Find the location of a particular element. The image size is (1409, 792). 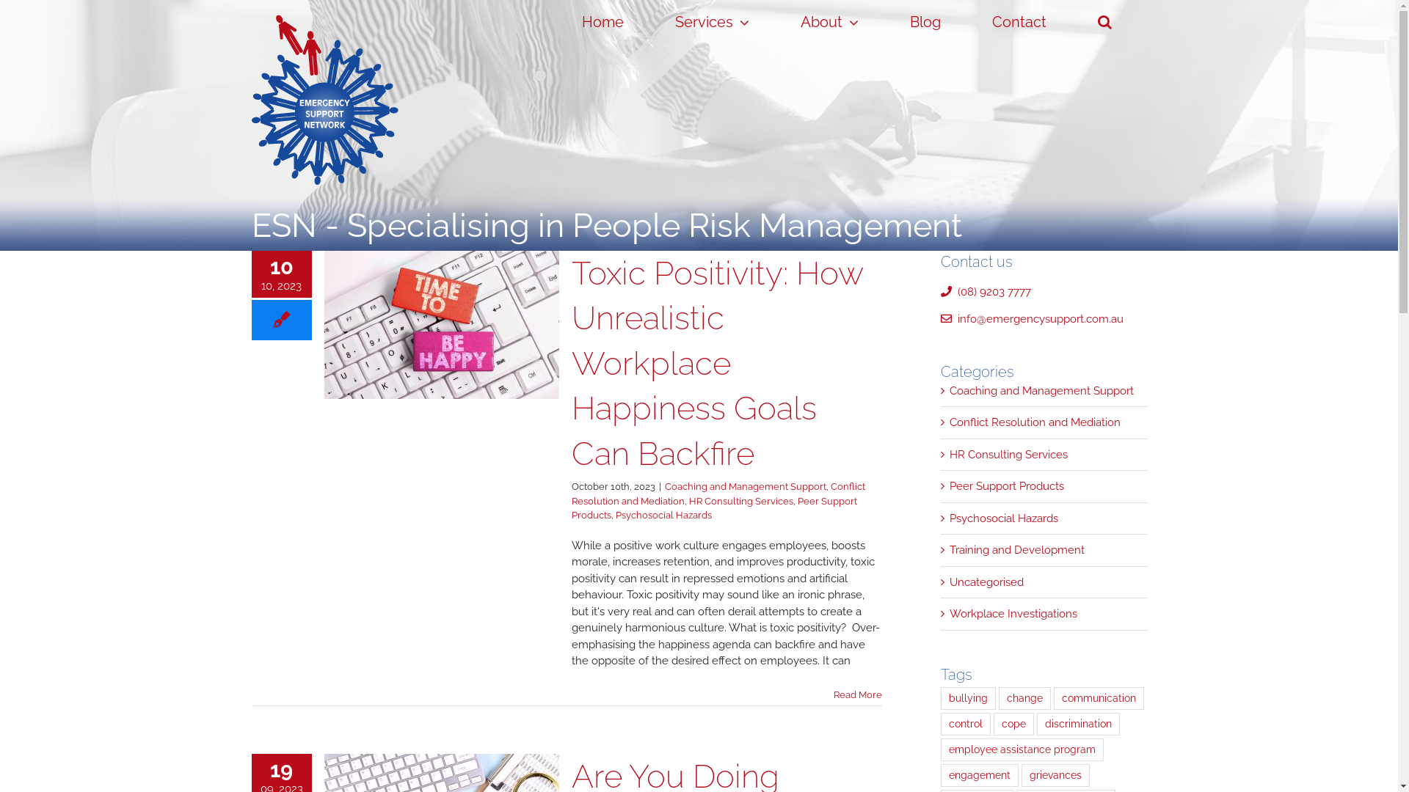

'Coaching and Management Support' is located at coordinates (950, 390).